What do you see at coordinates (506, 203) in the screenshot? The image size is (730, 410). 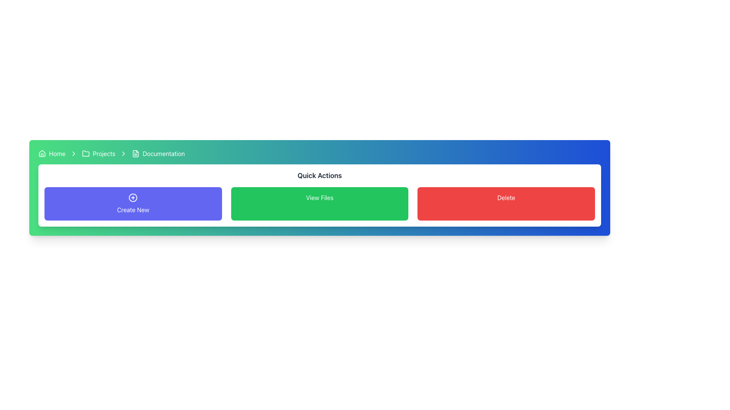 I see `the prominent red 'Delete' button with white rounded corners` at bounding box center [506, 203].